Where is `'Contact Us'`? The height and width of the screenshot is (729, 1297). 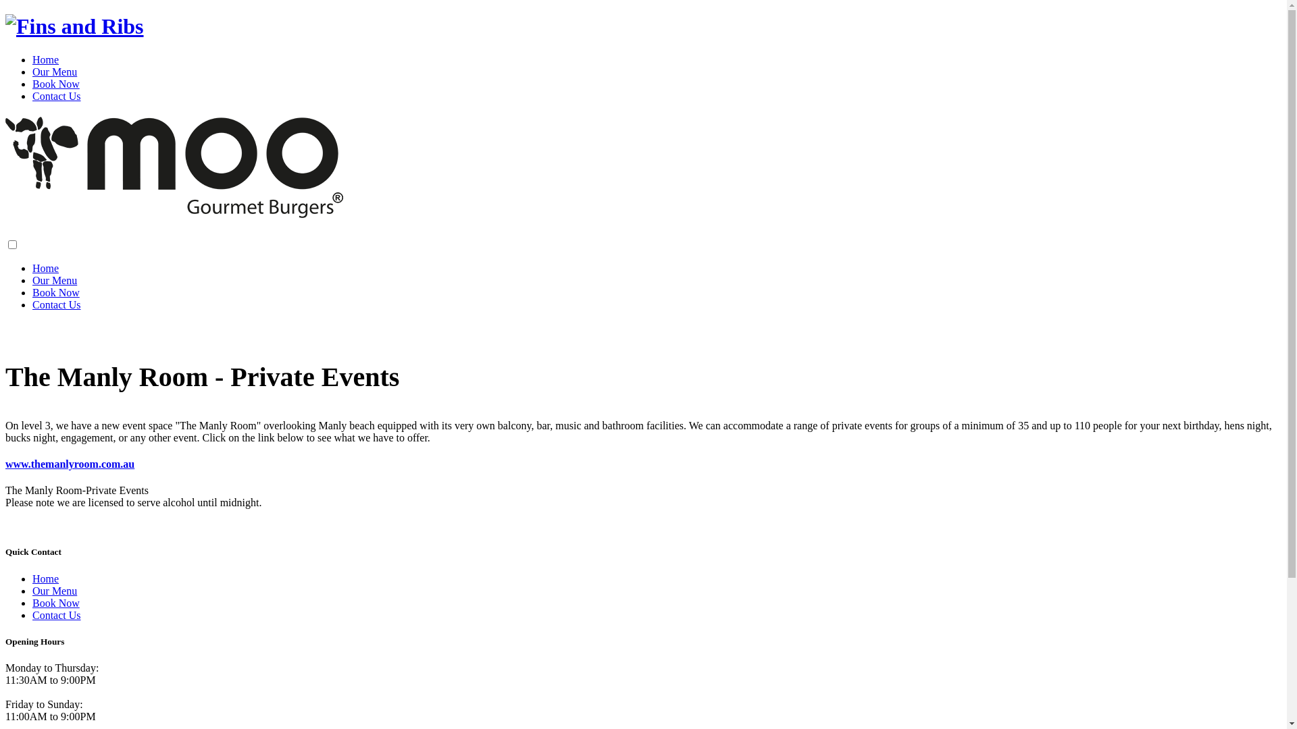 'Contact Us' is located at coordinates (55, 615).